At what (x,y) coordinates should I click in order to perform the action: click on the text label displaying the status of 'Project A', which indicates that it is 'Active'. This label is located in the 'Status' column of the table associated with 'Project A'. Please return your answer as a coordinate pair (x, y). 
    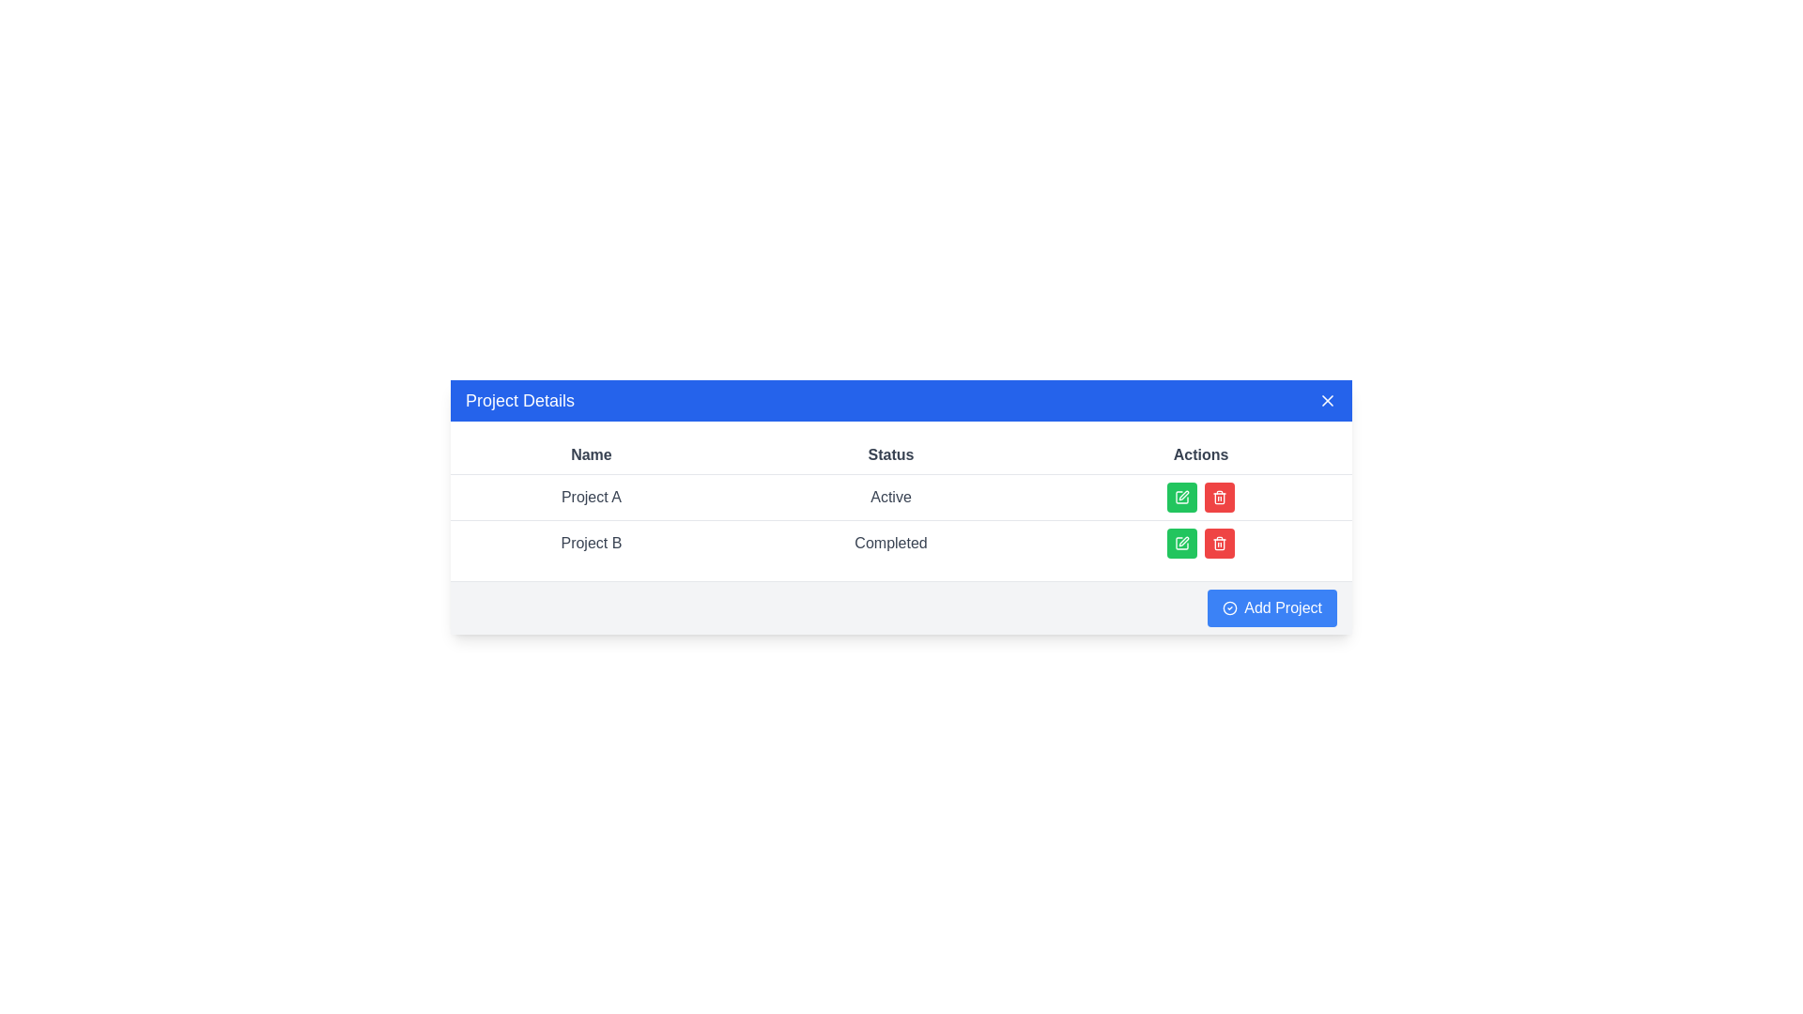
    Looking at the image, I should click on (890, 496).